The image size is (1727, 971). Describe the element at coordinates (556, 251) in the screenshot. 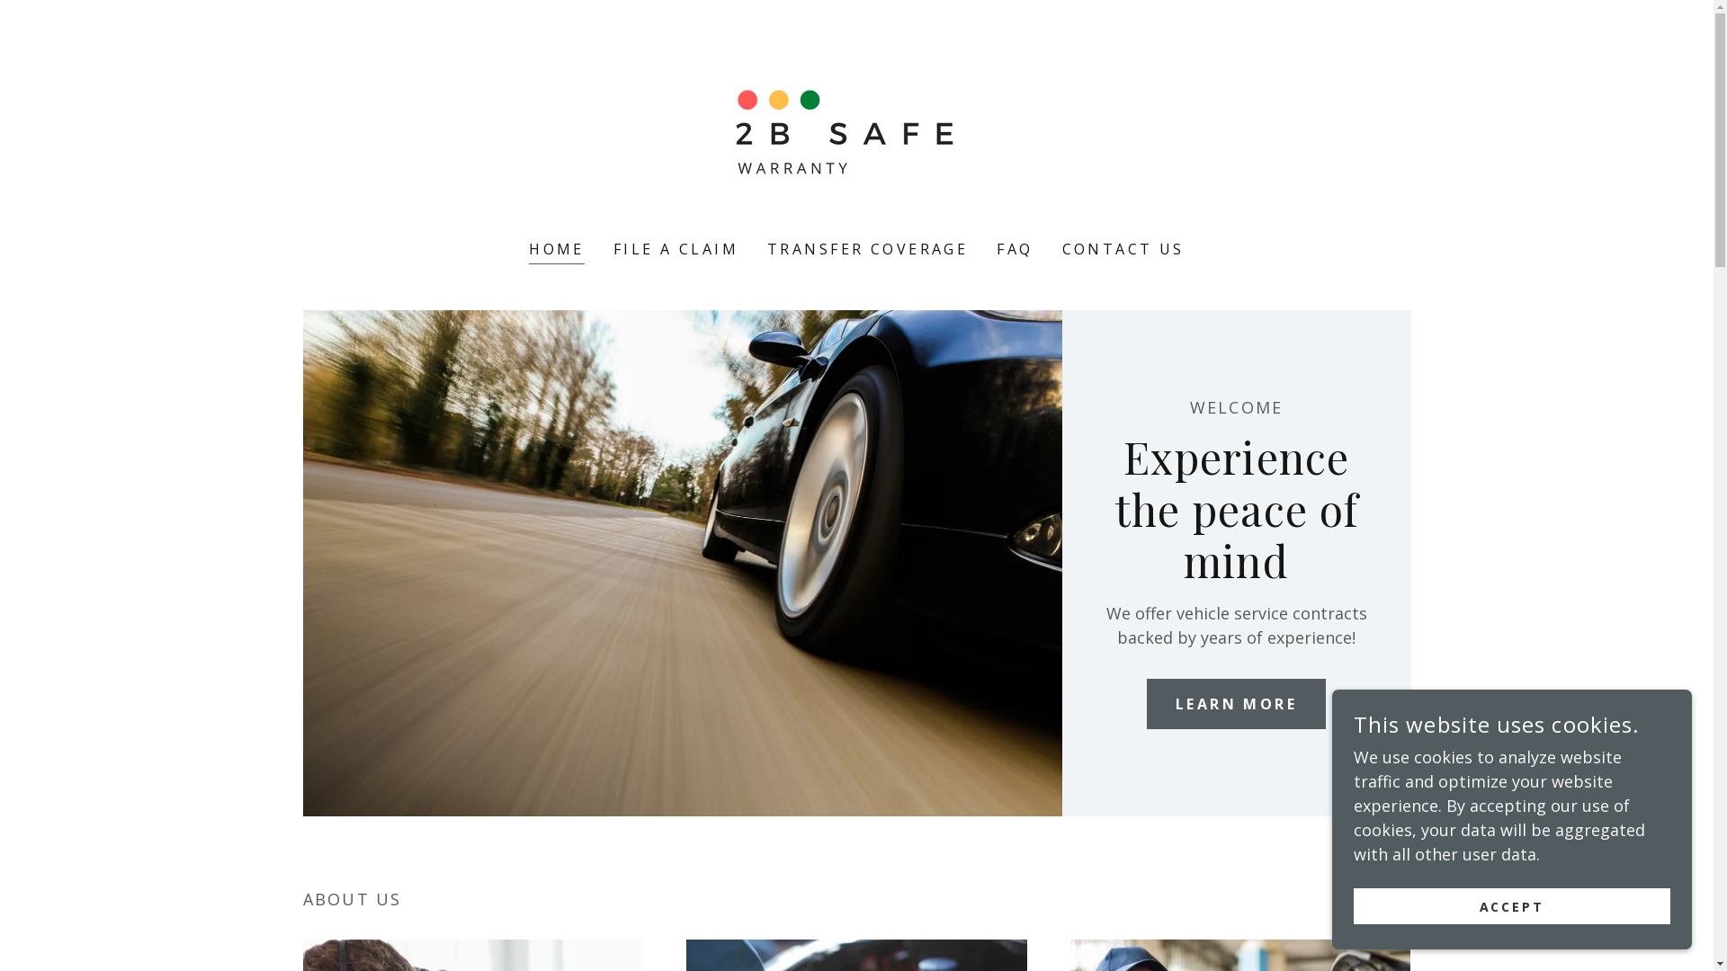

I see `'HOME'` at that location.